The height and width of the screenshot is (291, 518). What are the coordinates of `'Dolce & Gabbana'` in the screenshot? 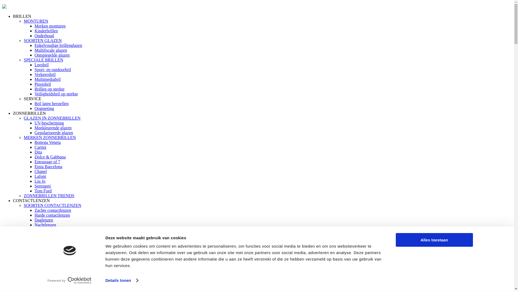 It's located at (50, 157).